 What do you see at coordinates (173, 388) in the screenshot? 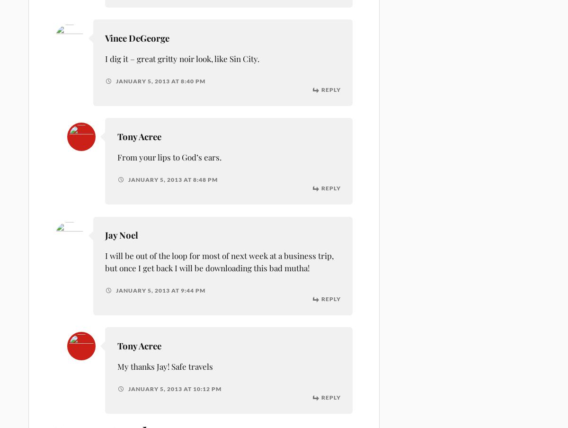
I see `'January 5, 2013 at 10:12 pm'` at bounding box center [173, 388].